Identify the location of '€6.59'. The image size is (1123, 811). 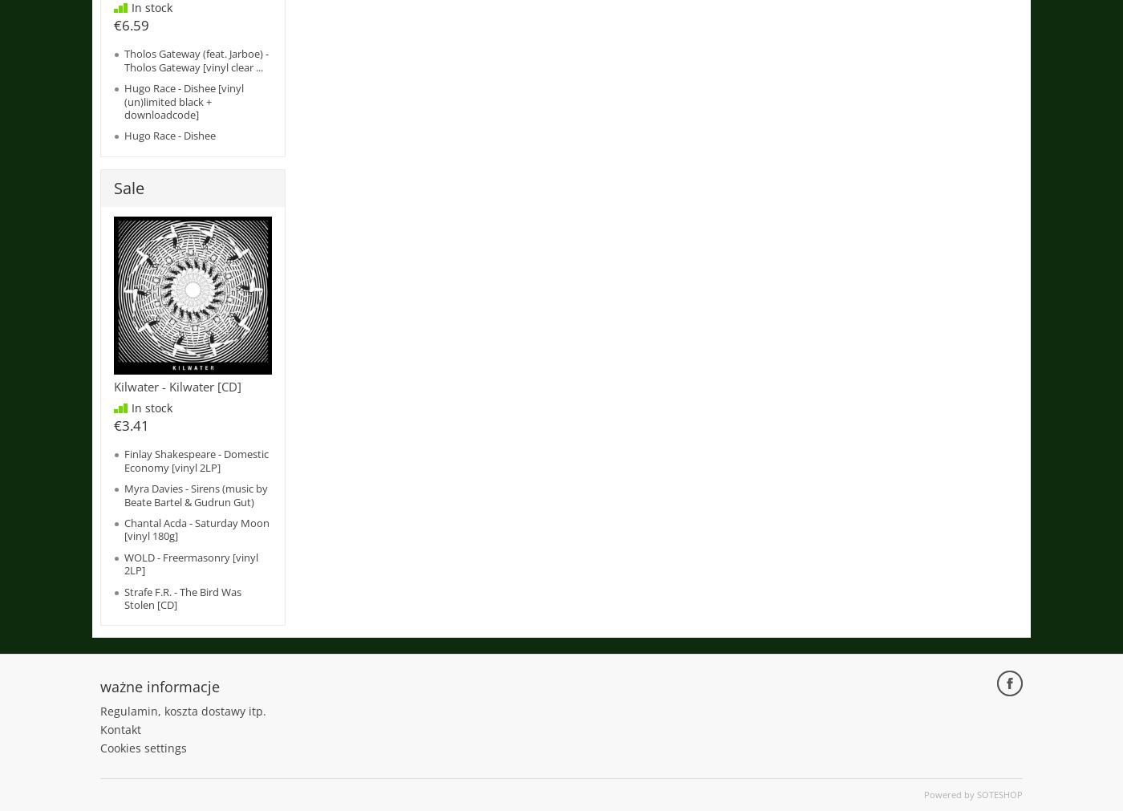
(131, 24).